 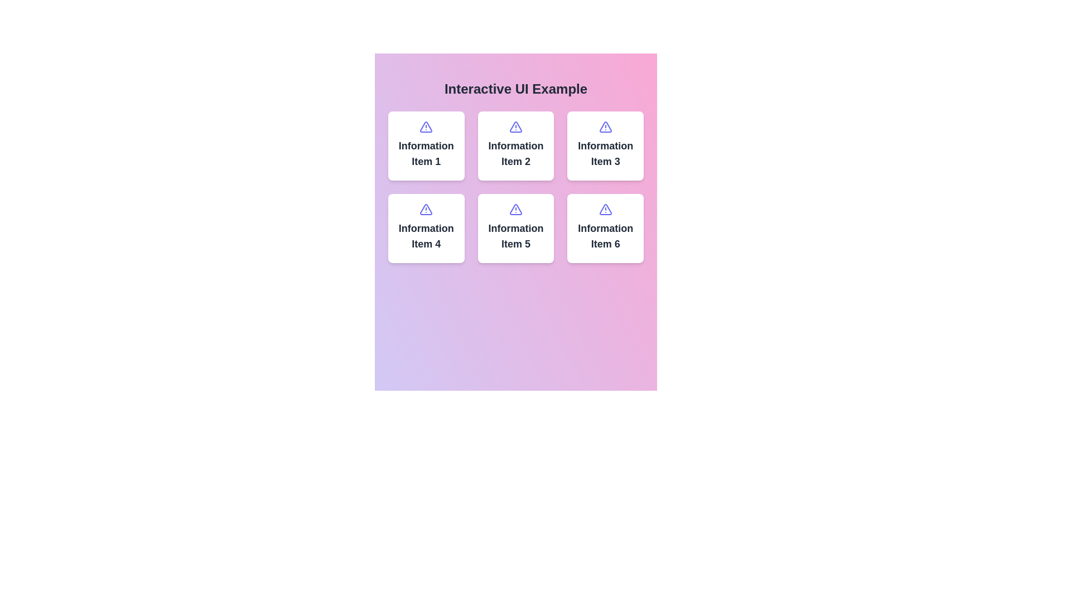 I want to click on the top-left warning or alert icon in the grid layout above the title 'Information Item 1', so click(x=426, y=126).